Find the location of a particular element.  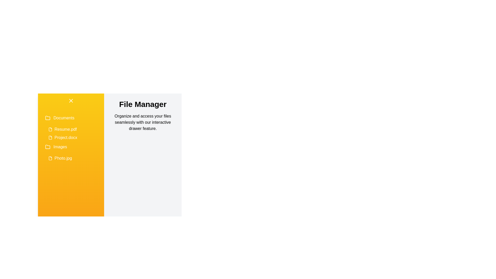

the folder named Images to expand or collapse its contents is located at coordinates (71, 147).